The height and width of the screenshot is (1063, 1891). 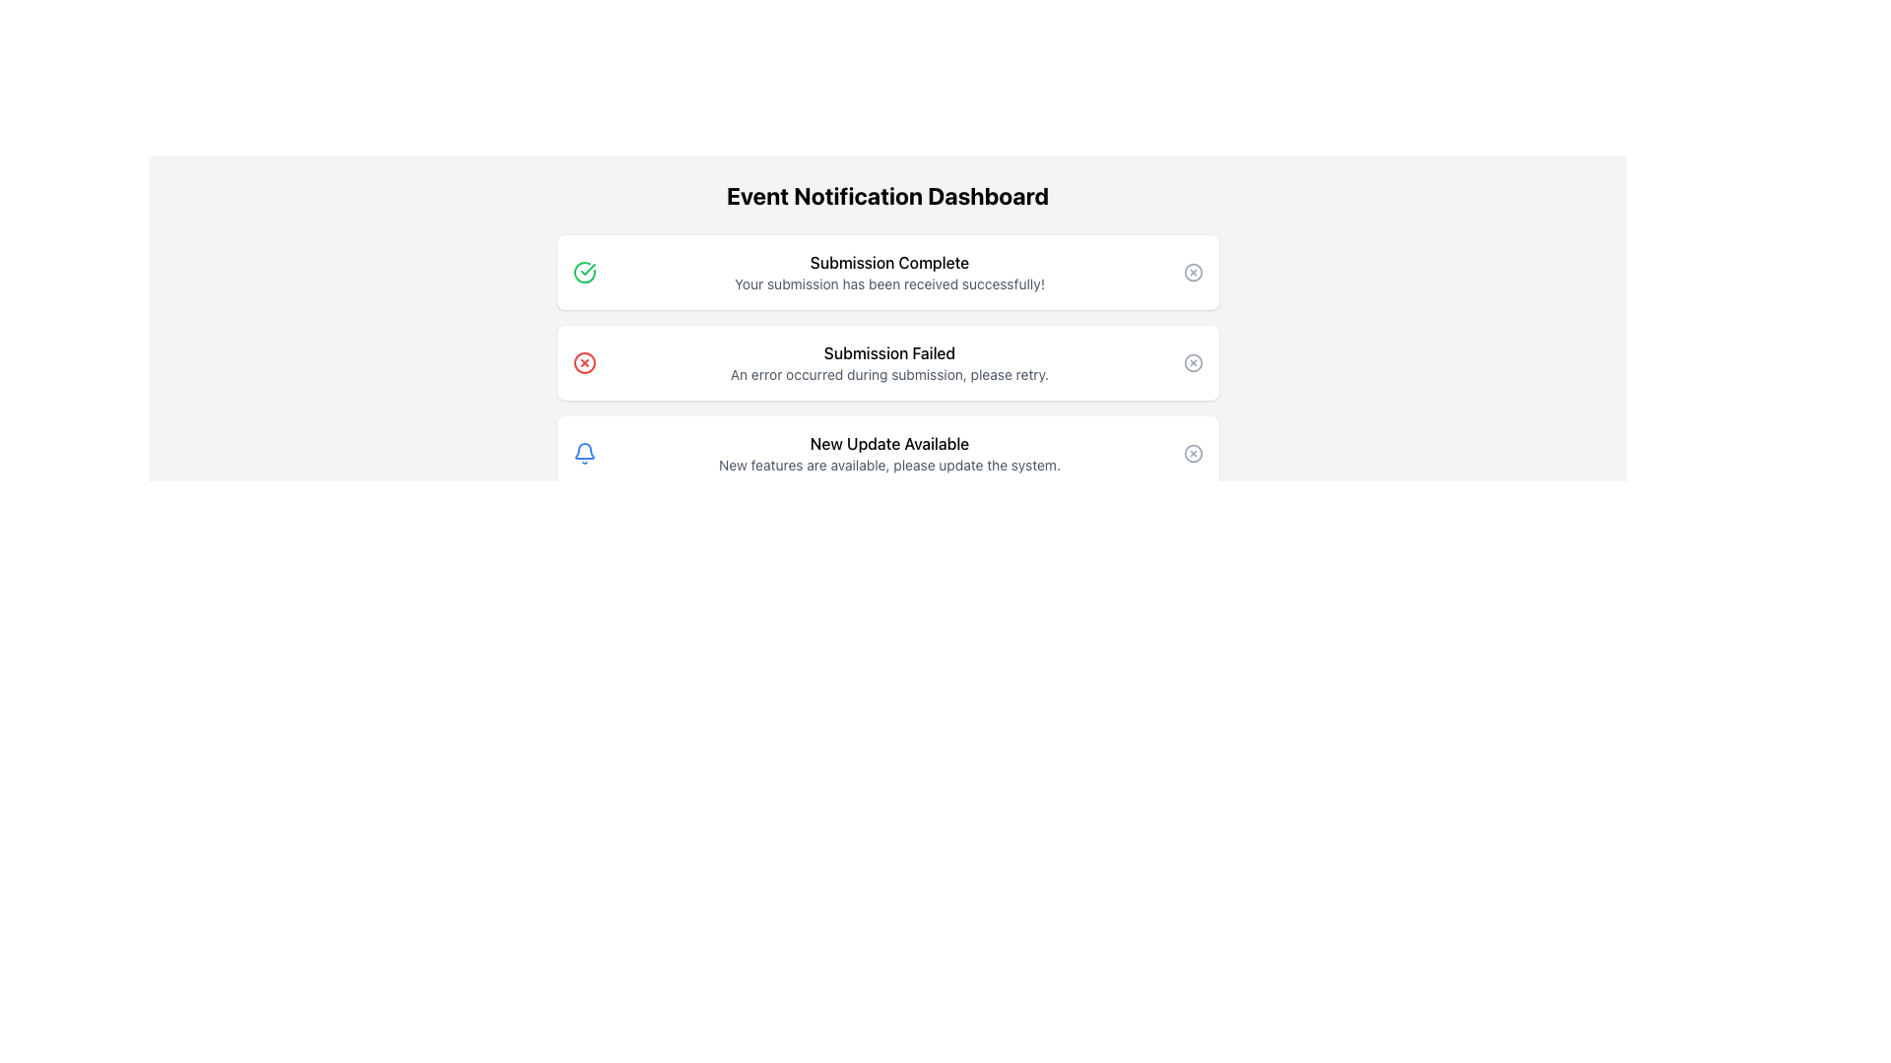 What do you see at coordinates (888, 454) in the screenshot?
I see `the textual notification block displaying 'New Update Available' and its description 'New features are available, please update the system.'` at bounding box center [888, 454].